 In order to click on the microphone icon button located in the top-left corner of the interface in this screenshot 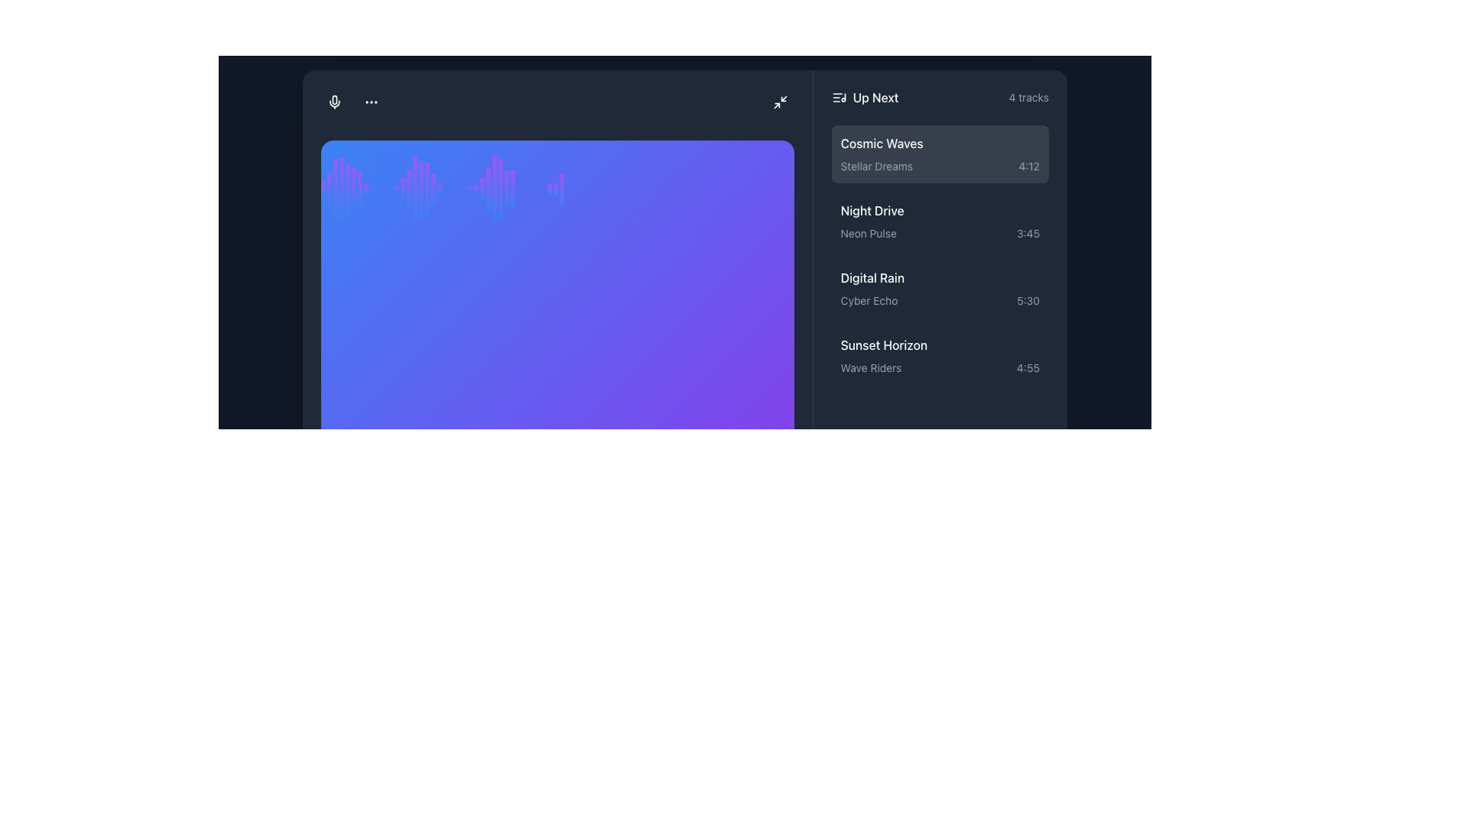, I will do `click(333, 101)`.